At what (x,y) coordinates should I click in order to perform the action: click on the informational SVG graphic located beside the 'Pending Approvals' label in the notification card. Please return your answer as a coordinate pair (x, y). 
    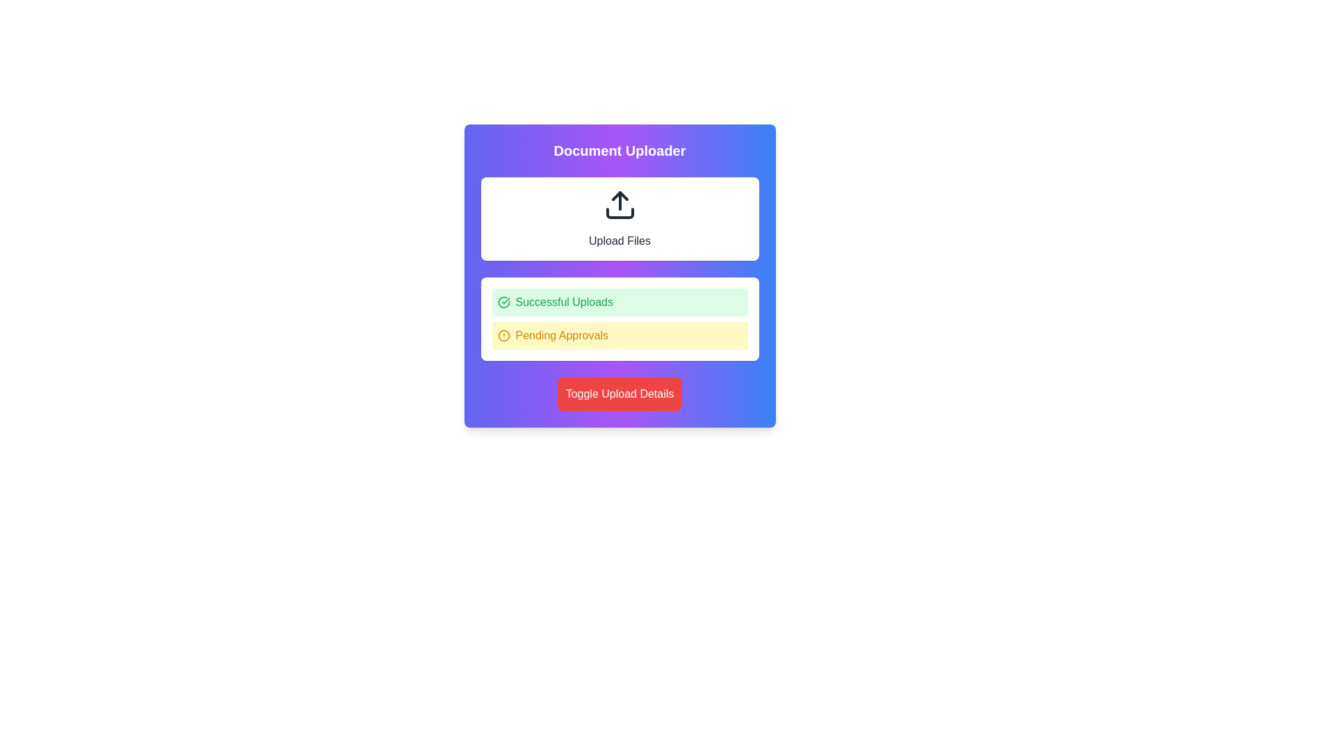
    Looking at the image, I should click on (503, 335).